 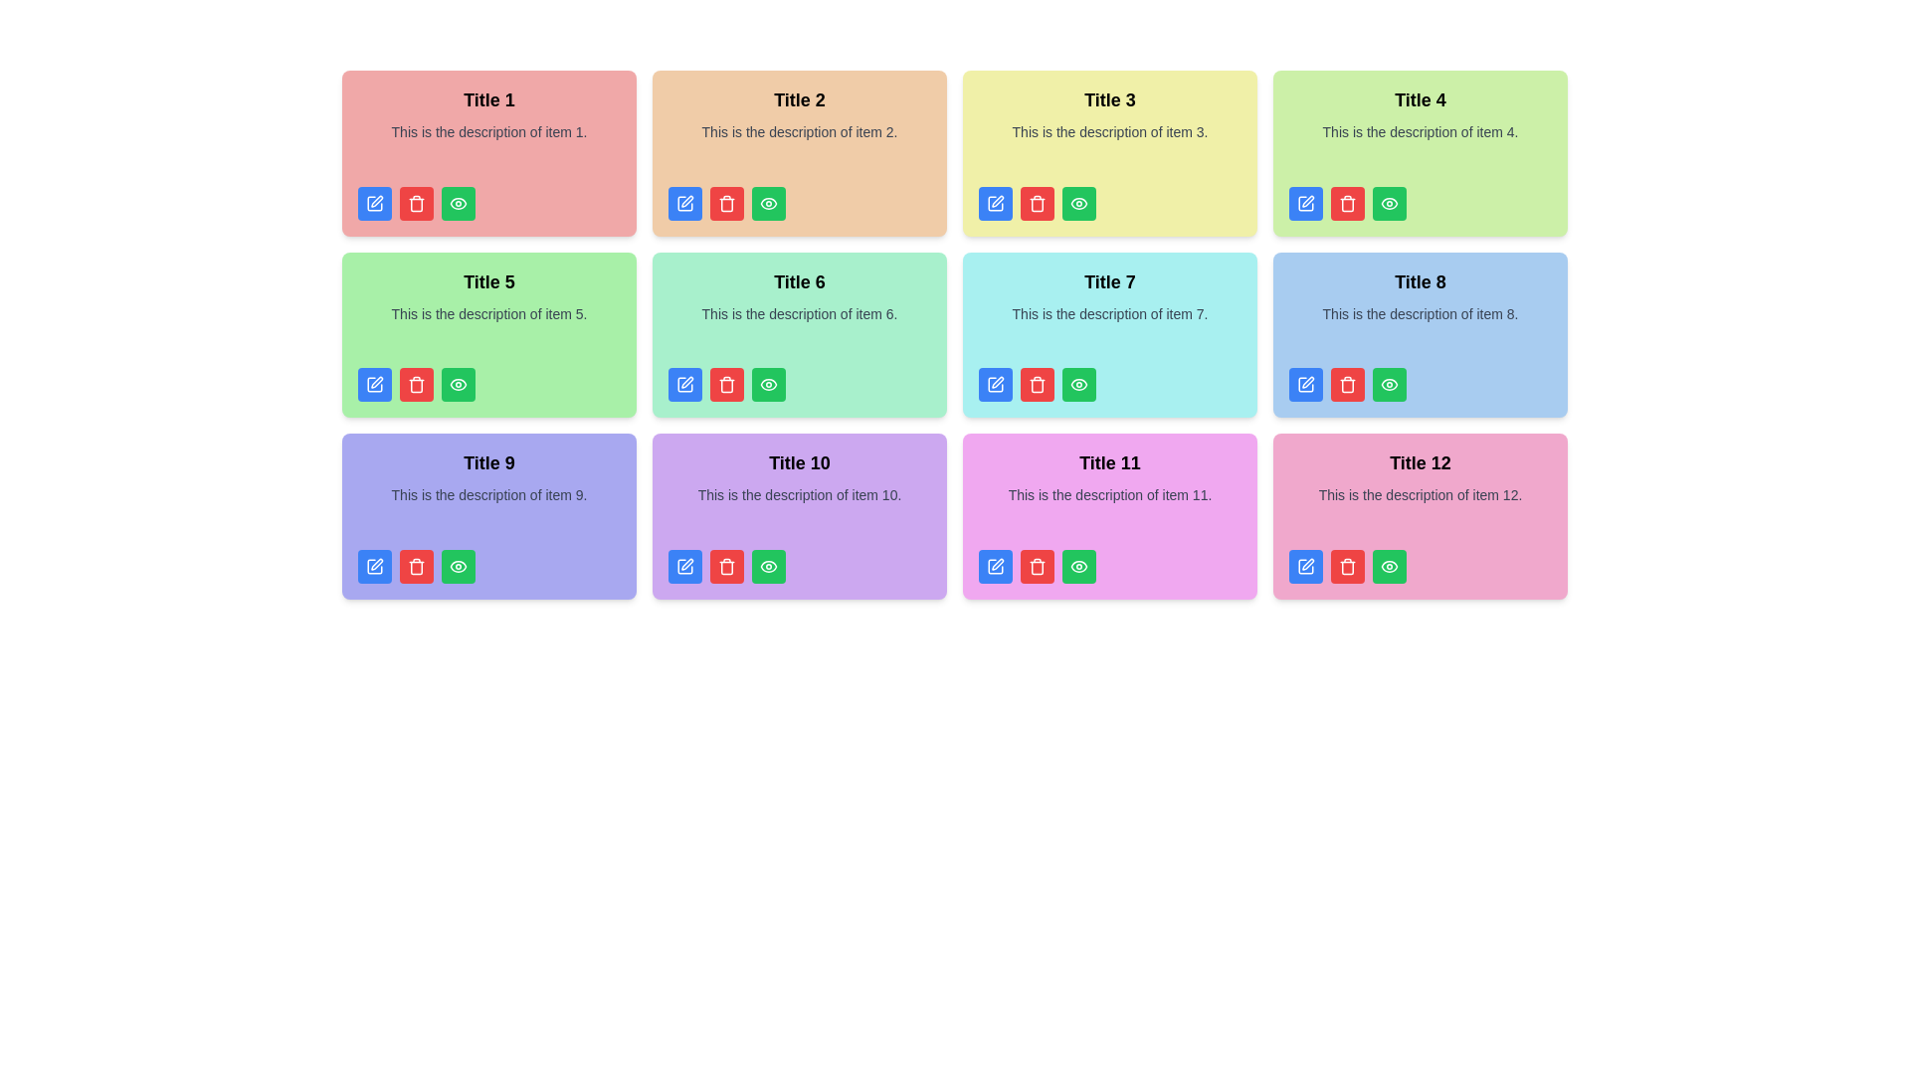 I want to click on the green button with the eye icon located on the right side of the group of three buttons underneath the 'Title 6' item, so click(x=767, y=384).